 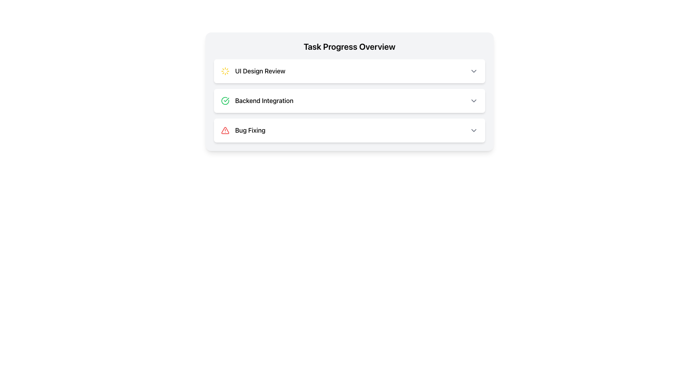 I want to click on the downward-pointing chevron icon (dropdown toggle) located at the far right of the 'Bug Fixing' row in the 'Task Progress Overview' list, so click(x=474, y=131).